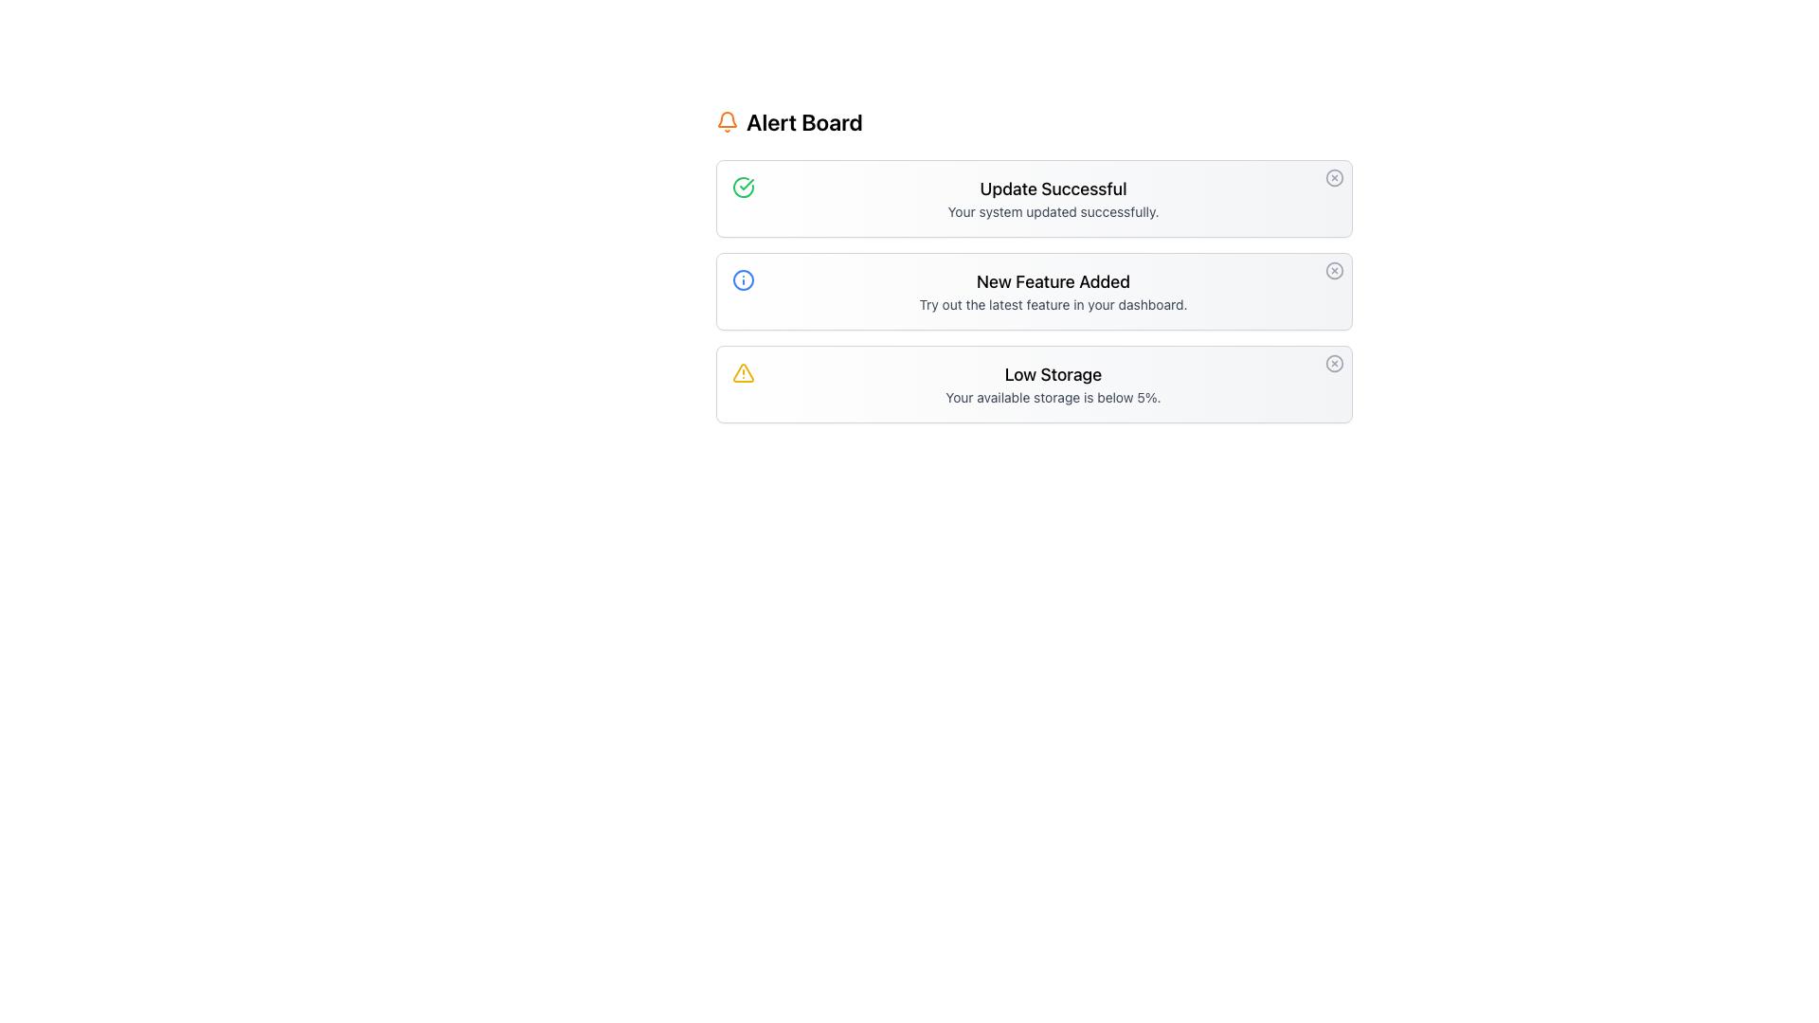  I want to click on the Text Label that serves as a title or heading for alerts or notifications, located to the right of the orange bell icon, so click(804, 121).